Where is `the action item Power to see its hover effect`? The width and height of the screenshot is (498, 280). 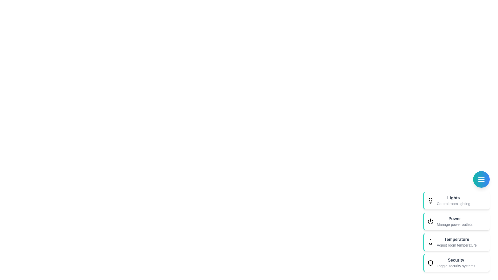 the action item Power to see its hover effect is located at coordinates (454, 221).